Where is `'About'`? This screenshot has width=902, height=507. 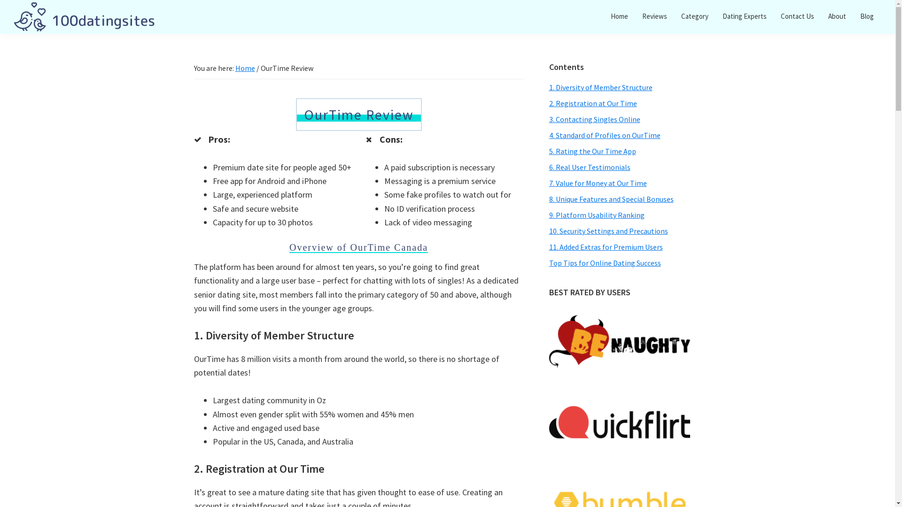
'About' is located at coordinates (820, 16).